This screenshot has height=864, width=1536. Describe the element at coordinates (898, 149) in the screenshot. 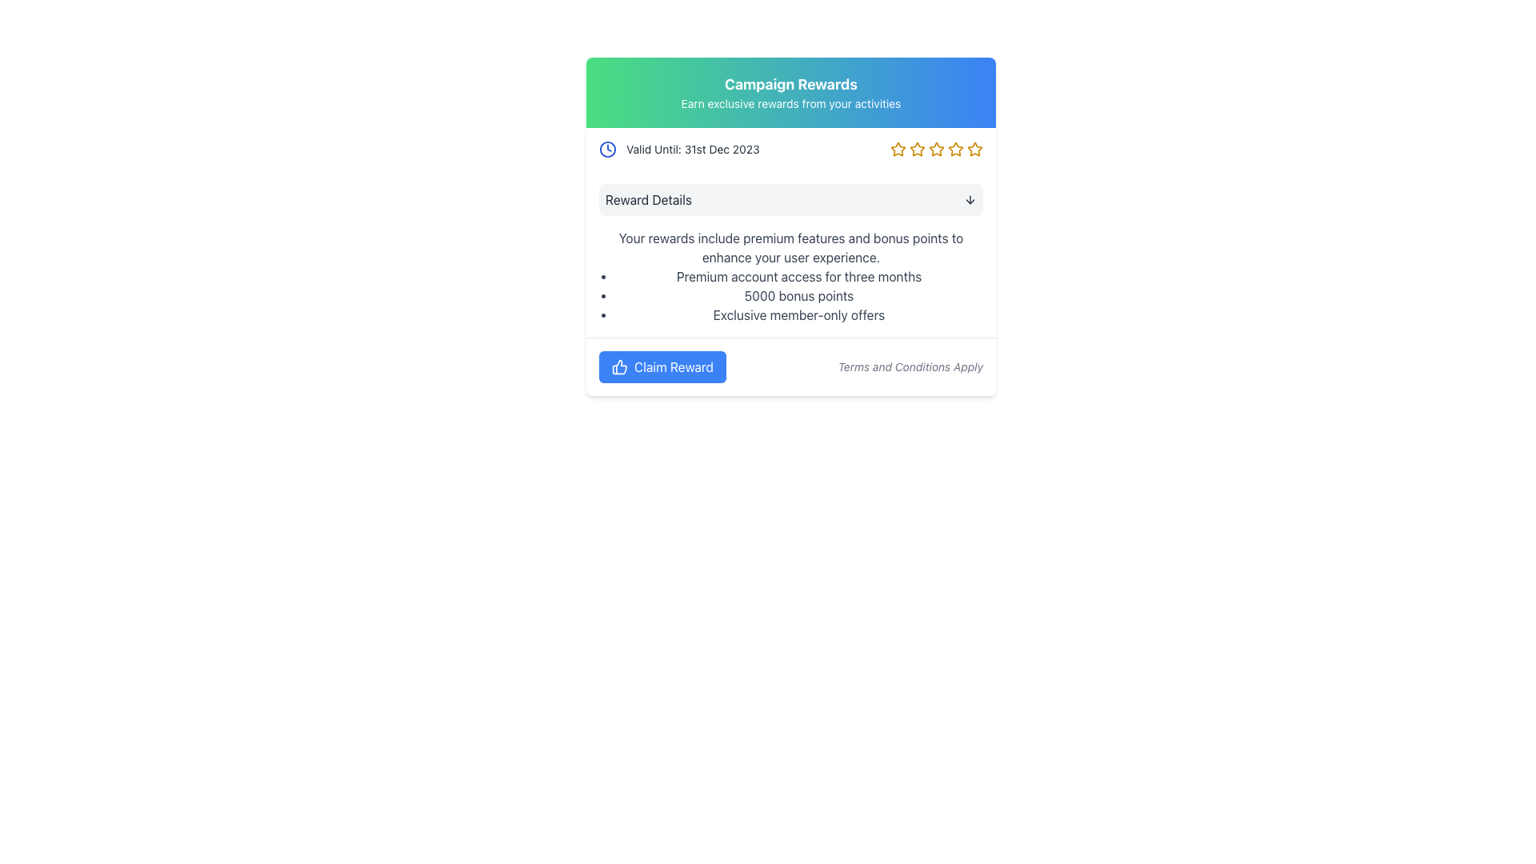

I see `the first star icon in the rating widget` at that location.